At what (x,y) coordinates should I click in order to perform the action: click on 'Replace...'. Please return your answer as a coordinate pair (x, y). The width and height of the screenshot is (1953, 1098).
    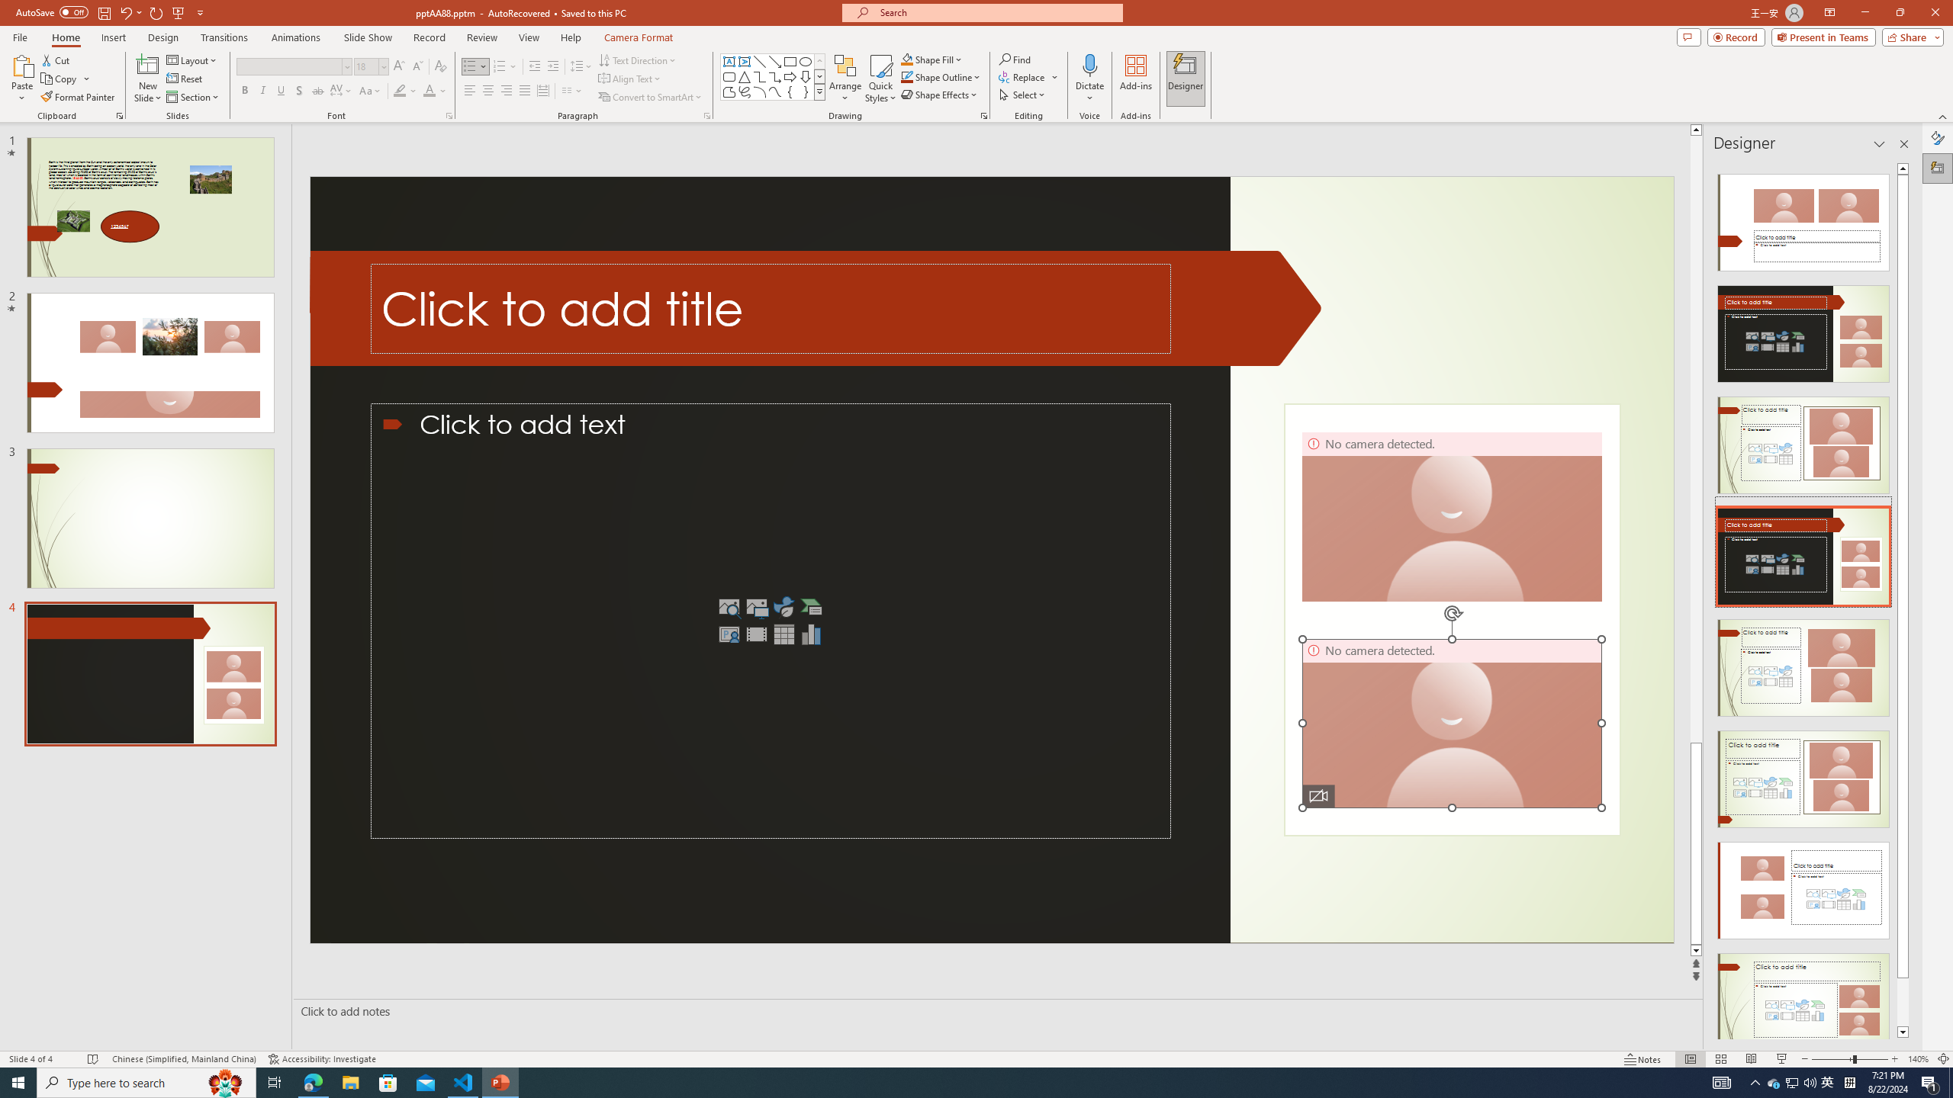
    Looking at the image, I should click on (1023, 75).